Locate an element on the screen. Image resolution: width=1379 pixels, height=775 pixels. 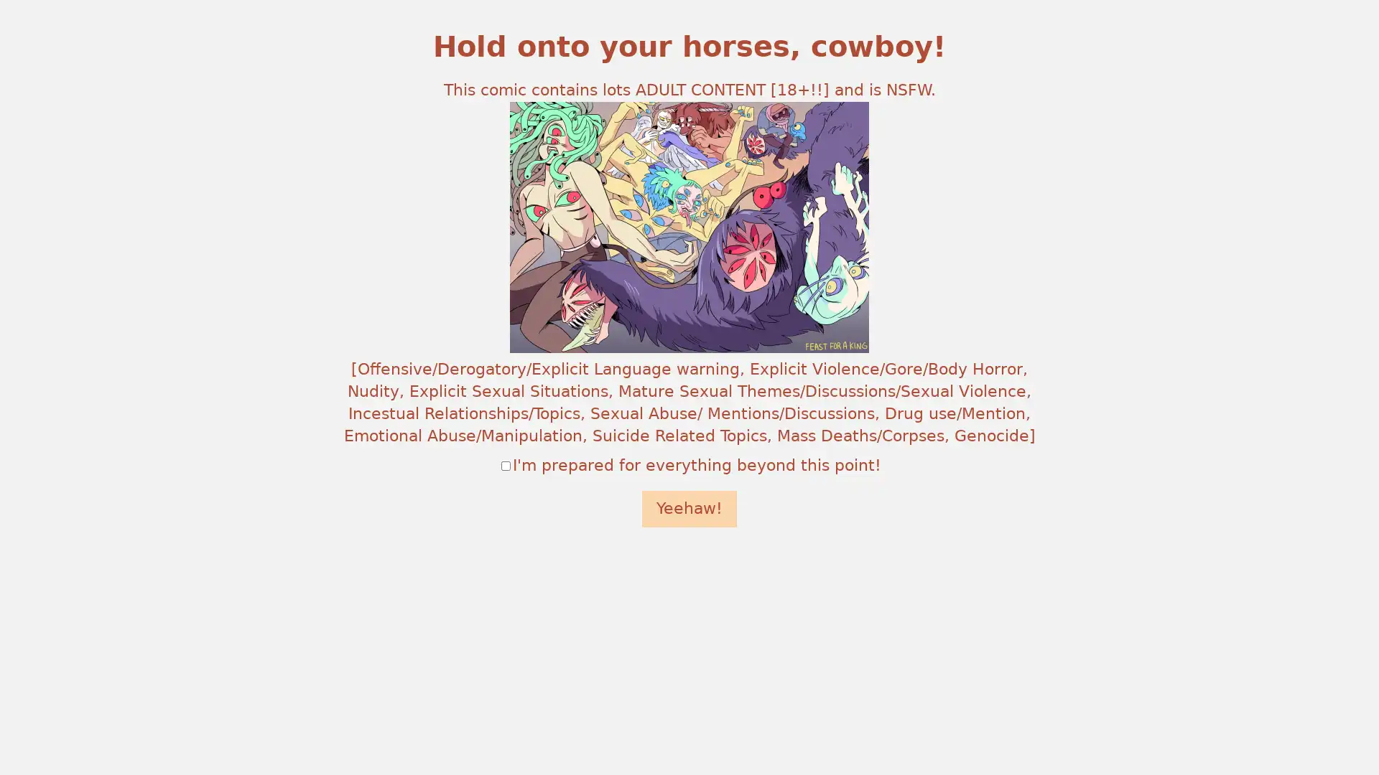
Yeehaw! is located at coordinates (689, 508).